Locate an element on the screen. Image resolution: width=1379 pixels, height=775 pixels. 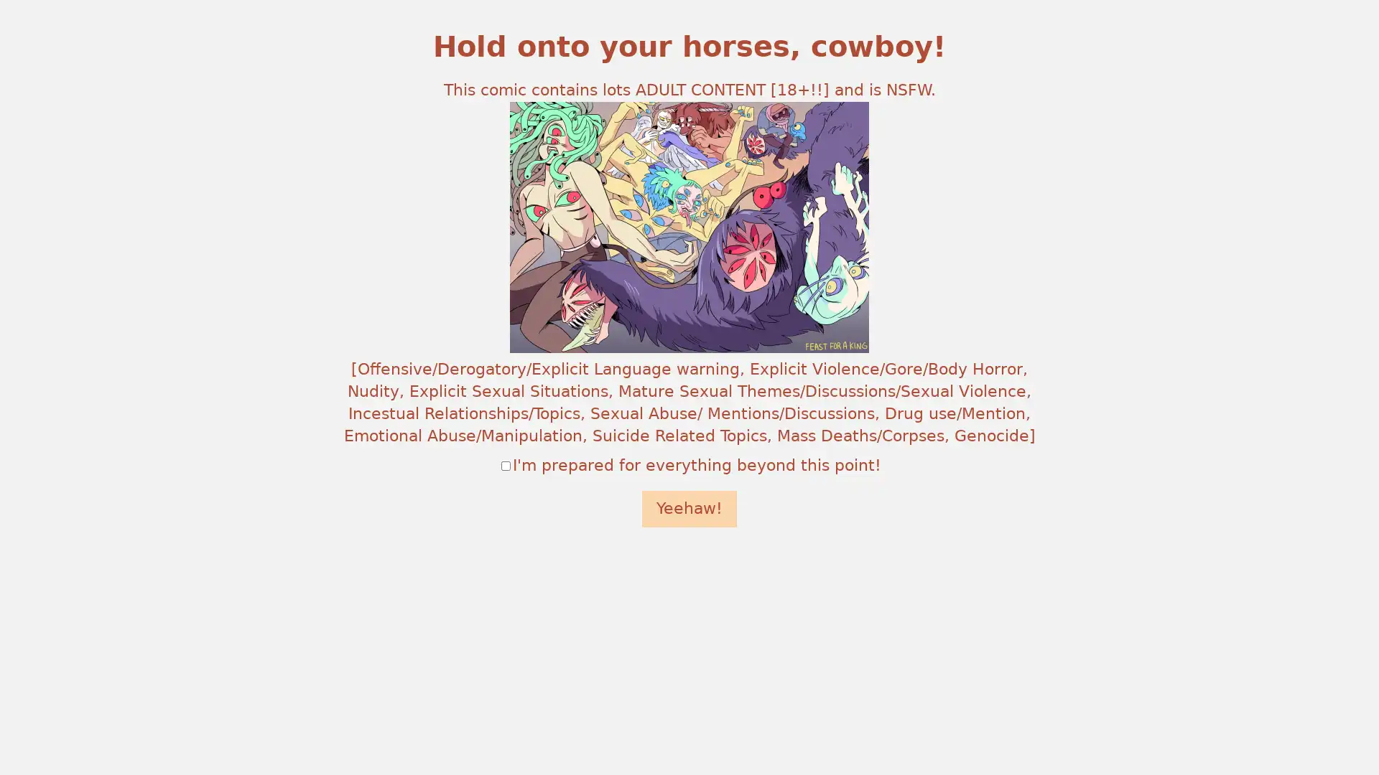
Yeehaw! is located at coordinates (689, 508).